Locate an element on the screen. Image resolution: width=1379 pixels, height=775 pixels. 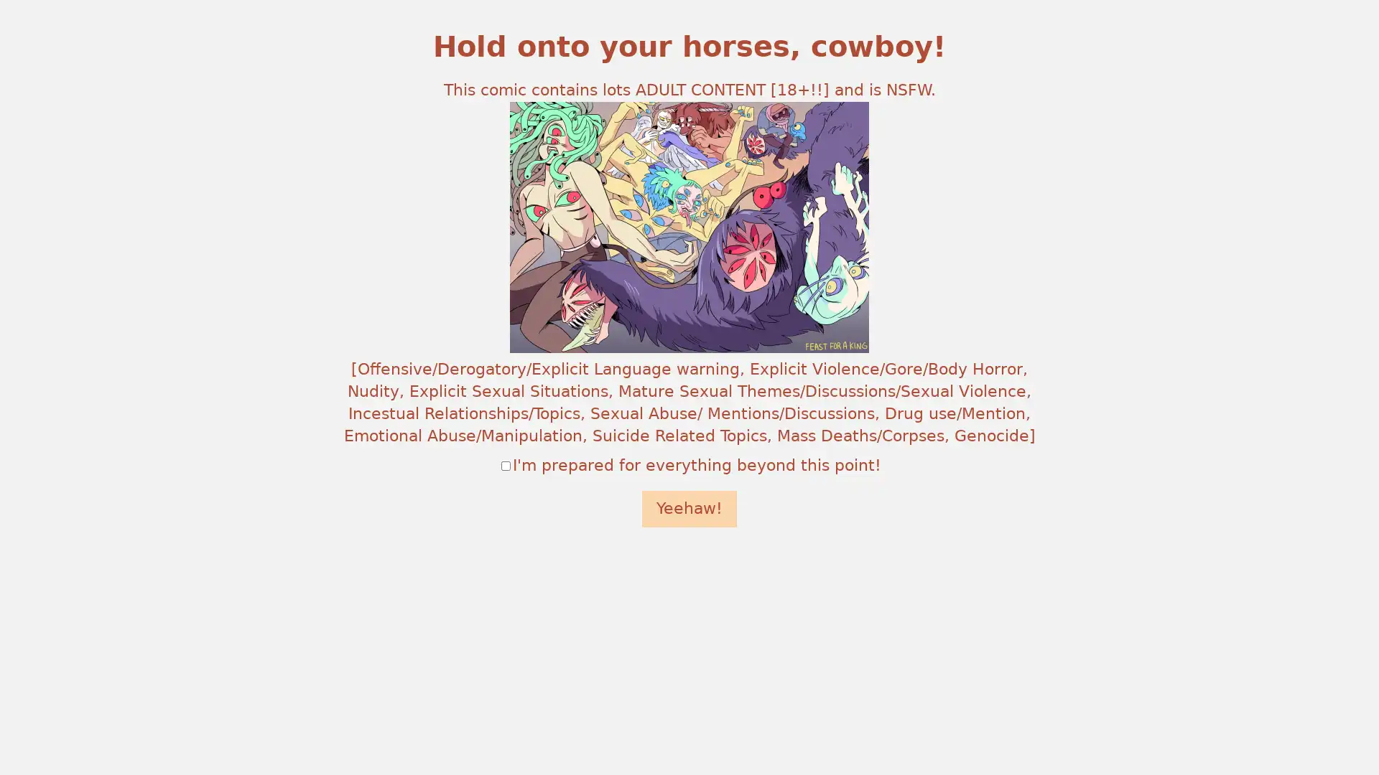
Yeehaw! is located at coordinates (689, 508).